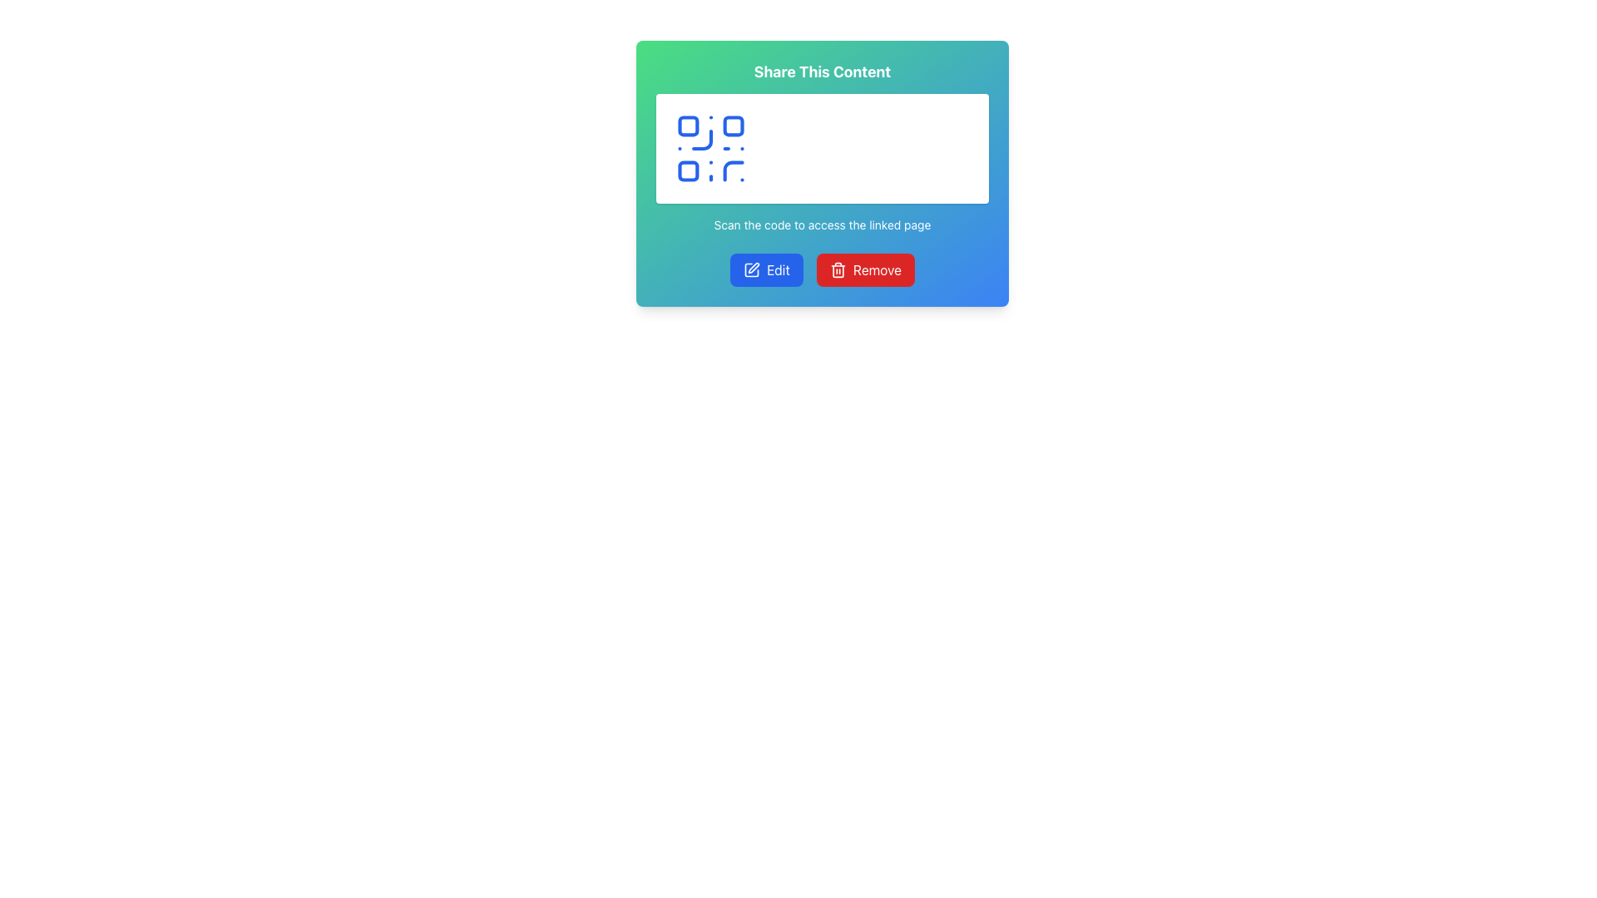 Image resolution: width=1597 pixels, height=898 pixels. Describe the element at coordinates (710, 147) in the screenshot. I see `the QR code icon, which has a blue outline and is located in the upper-left corner of the central modal card` at that location.